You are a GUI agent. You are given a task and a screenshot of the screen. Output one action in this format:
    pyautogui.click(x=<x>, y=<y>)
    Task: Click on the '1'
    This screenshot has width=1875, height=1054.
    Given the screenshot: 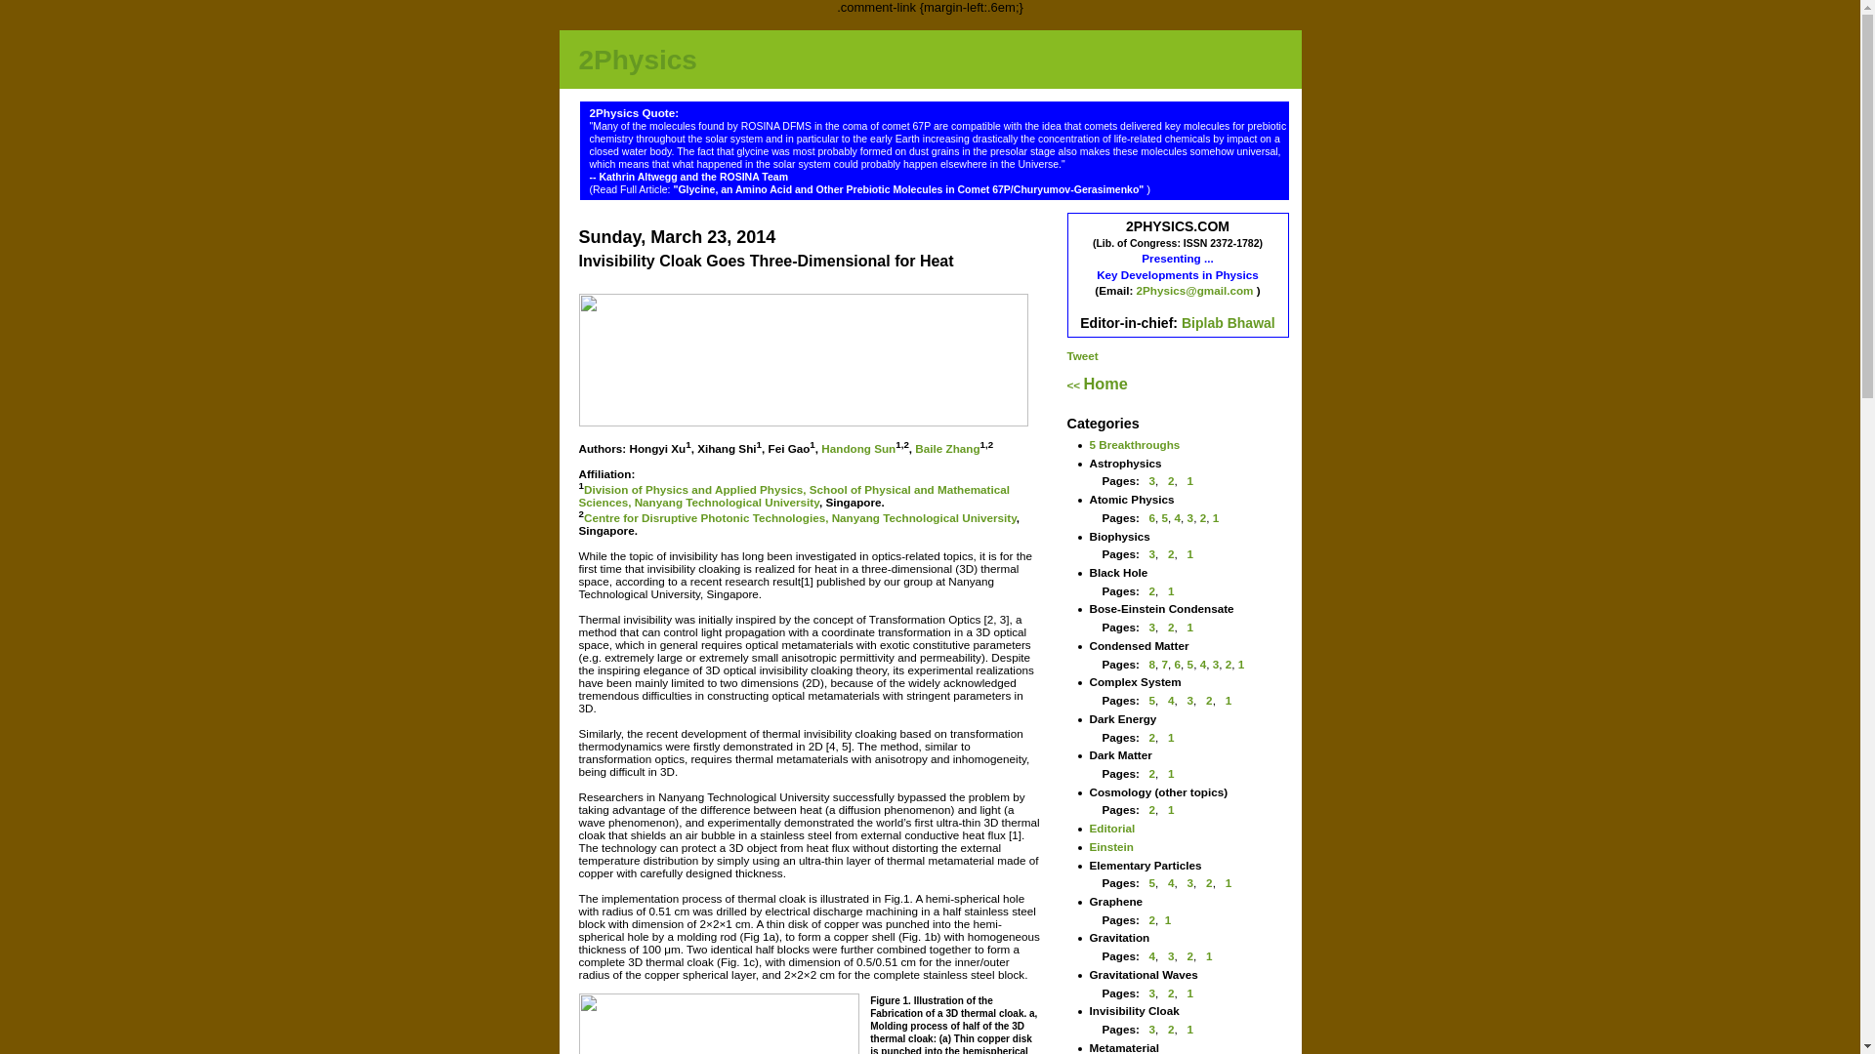 What is the action you would take?
    pyautogui.click(x=1228, y=882)
    